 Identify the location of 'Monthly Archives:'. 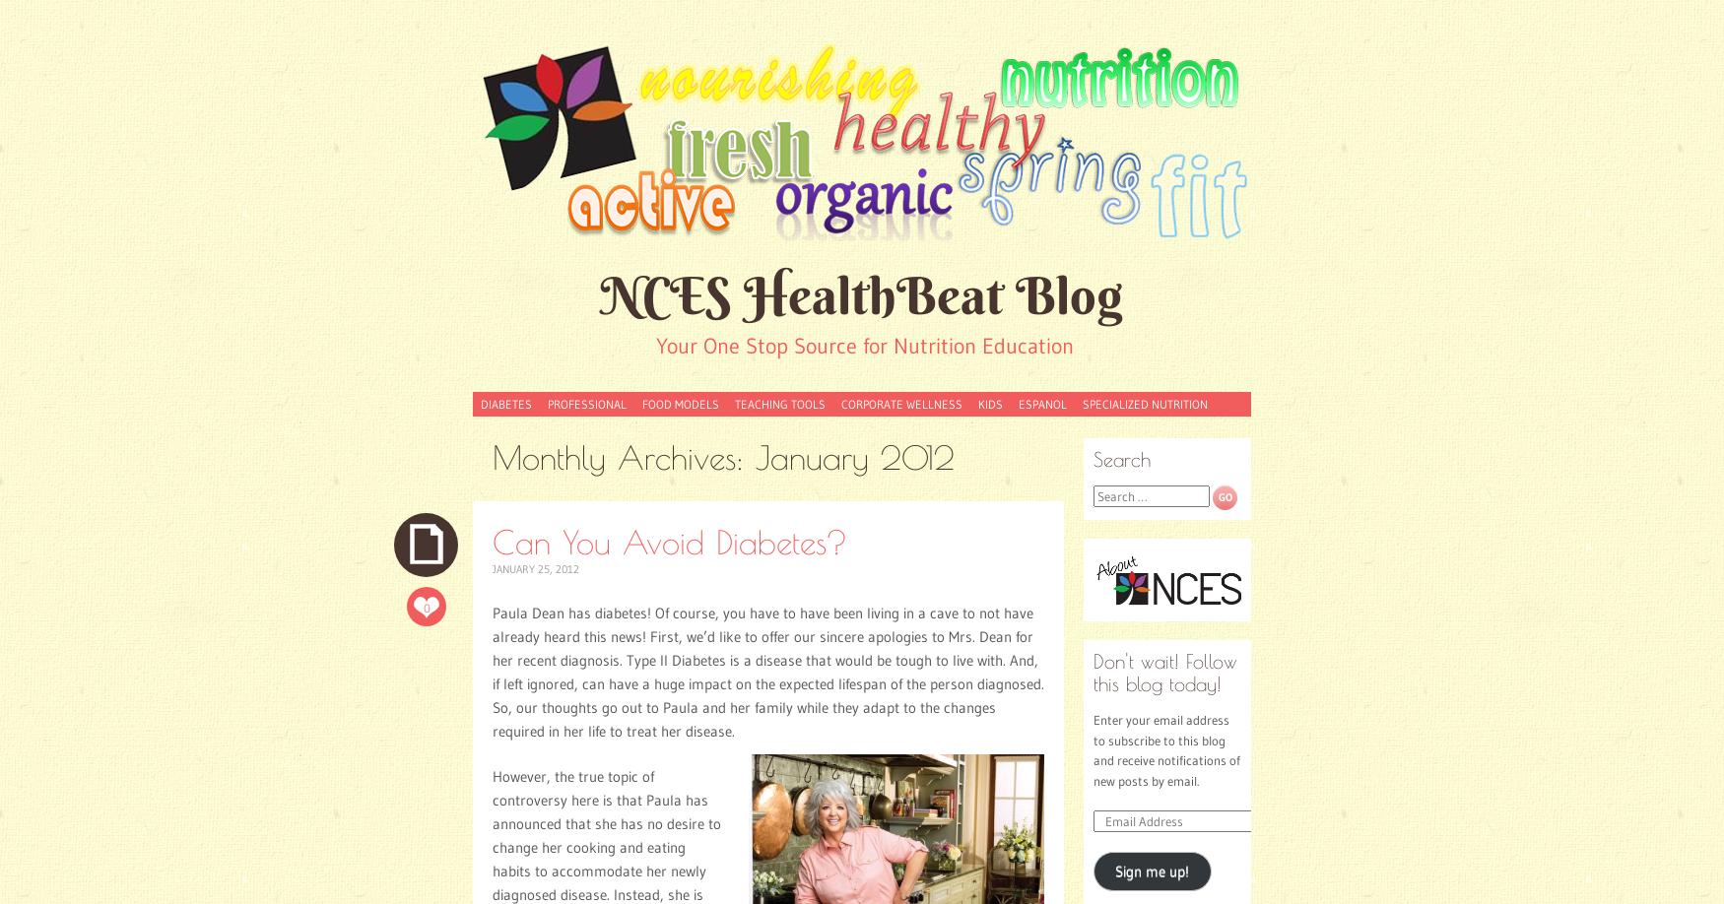
(623, 457).